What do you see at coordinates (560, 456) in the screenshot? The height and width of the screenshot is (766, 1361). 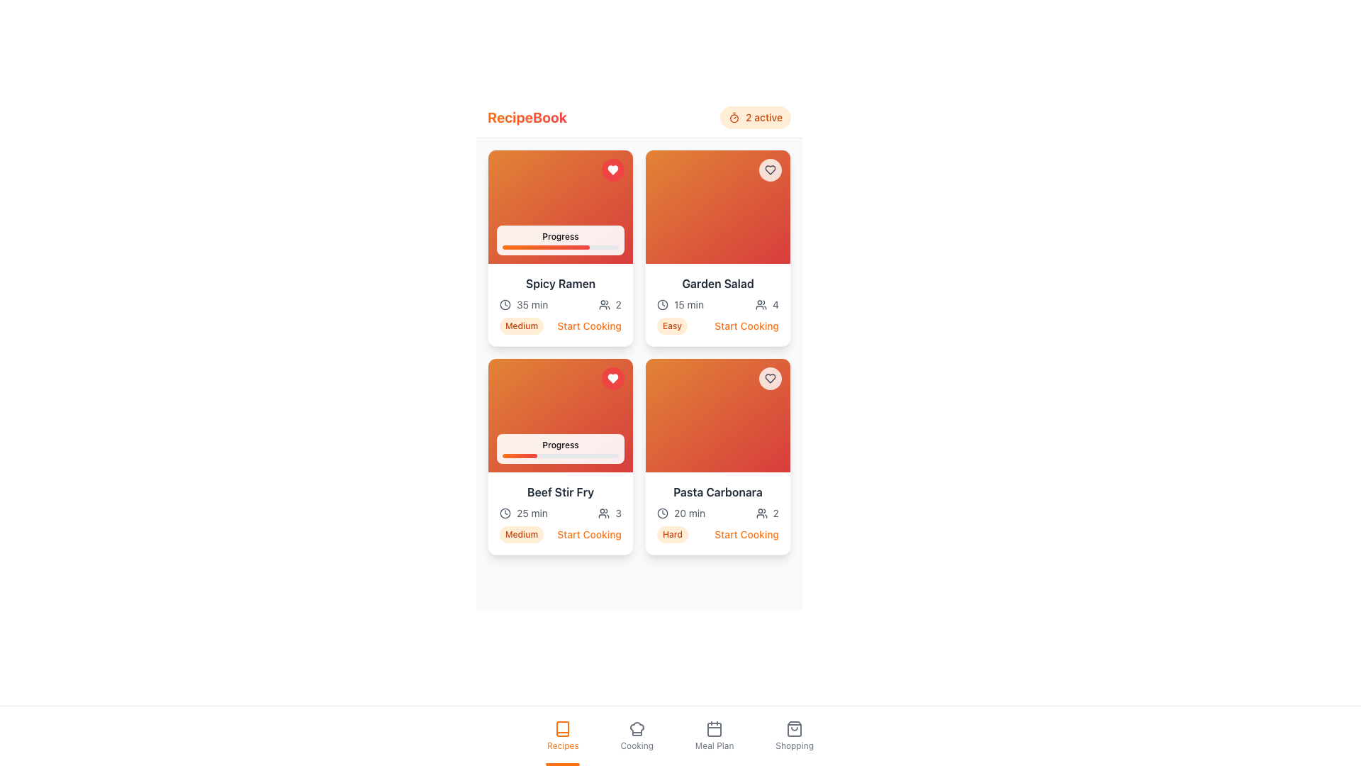 I see `the progress bar indicating the completion status of the 'Beef Stir Fry' recipe, located below the 'Progress' label` at bounding box center [560, 456].